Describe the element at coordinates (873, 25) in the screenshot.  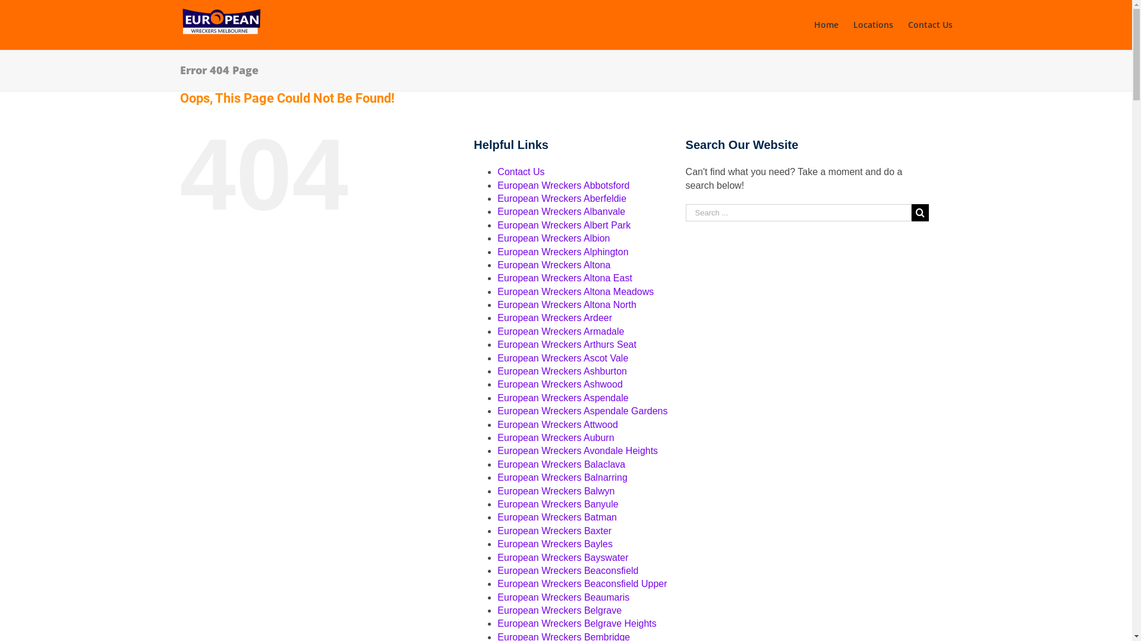
I see `'Locations'` at that location.